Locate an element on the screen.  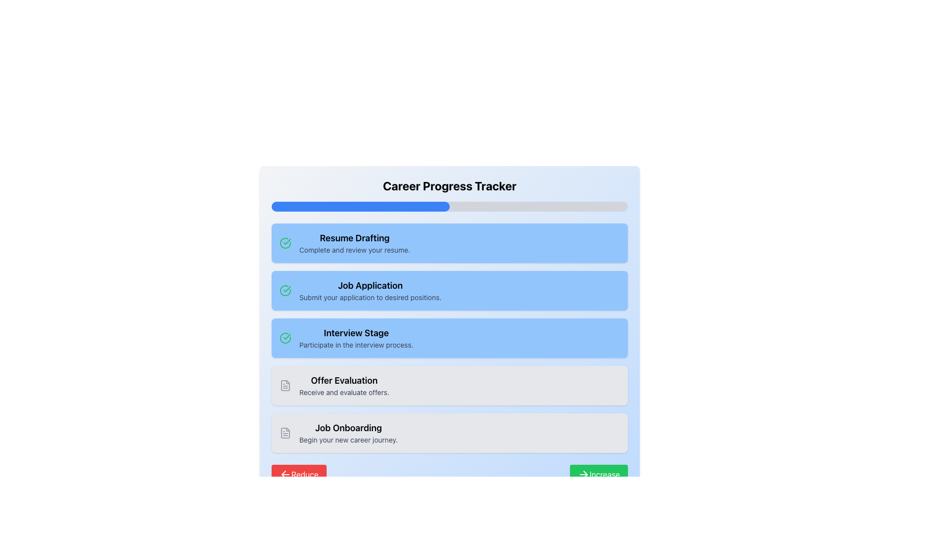
the green 'Increase' button with white text and an arrow is located at coordinates (598, 474).